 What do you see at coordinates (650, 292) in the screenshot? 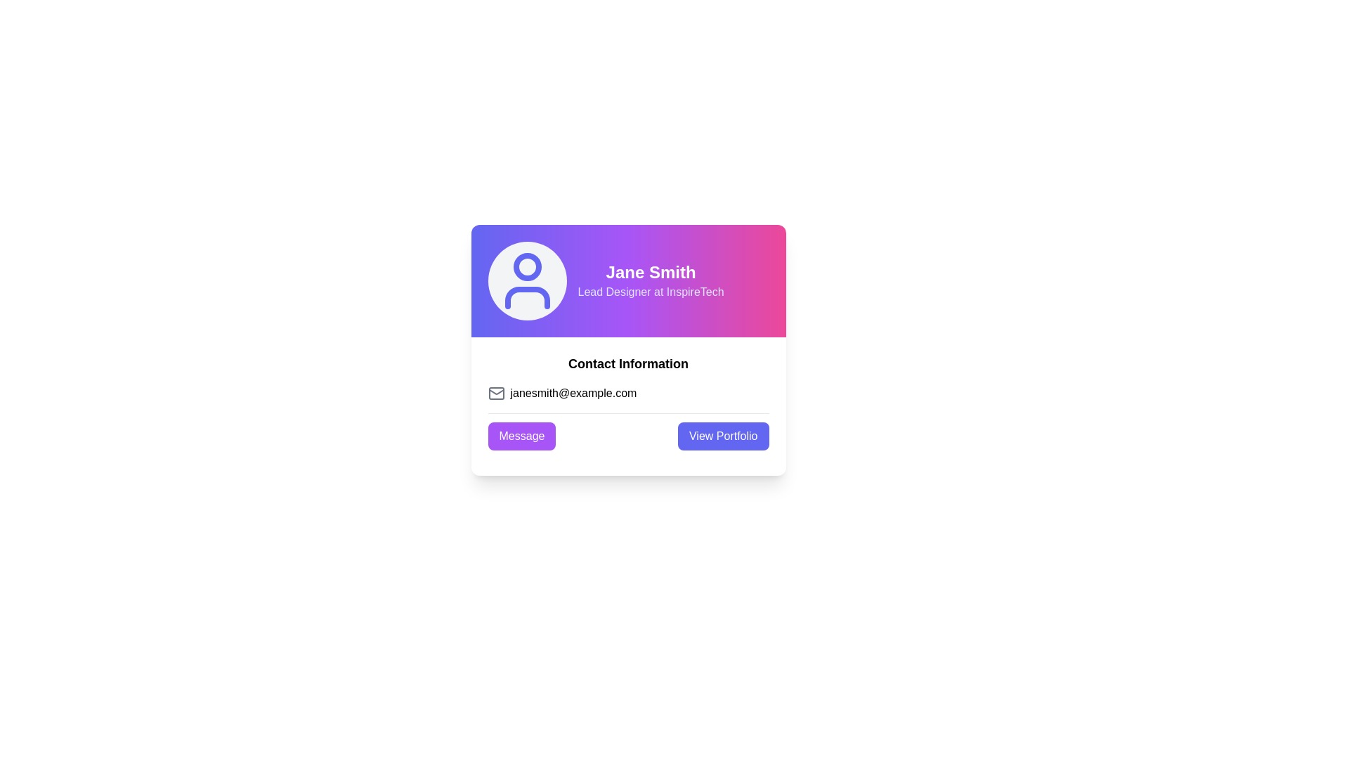
I see `the Text Label displaying 'Lead Designer at InspireTech' which is located directly below 'Jane Smith' in the gradient-colored header section` at bounding box center [650, 292].